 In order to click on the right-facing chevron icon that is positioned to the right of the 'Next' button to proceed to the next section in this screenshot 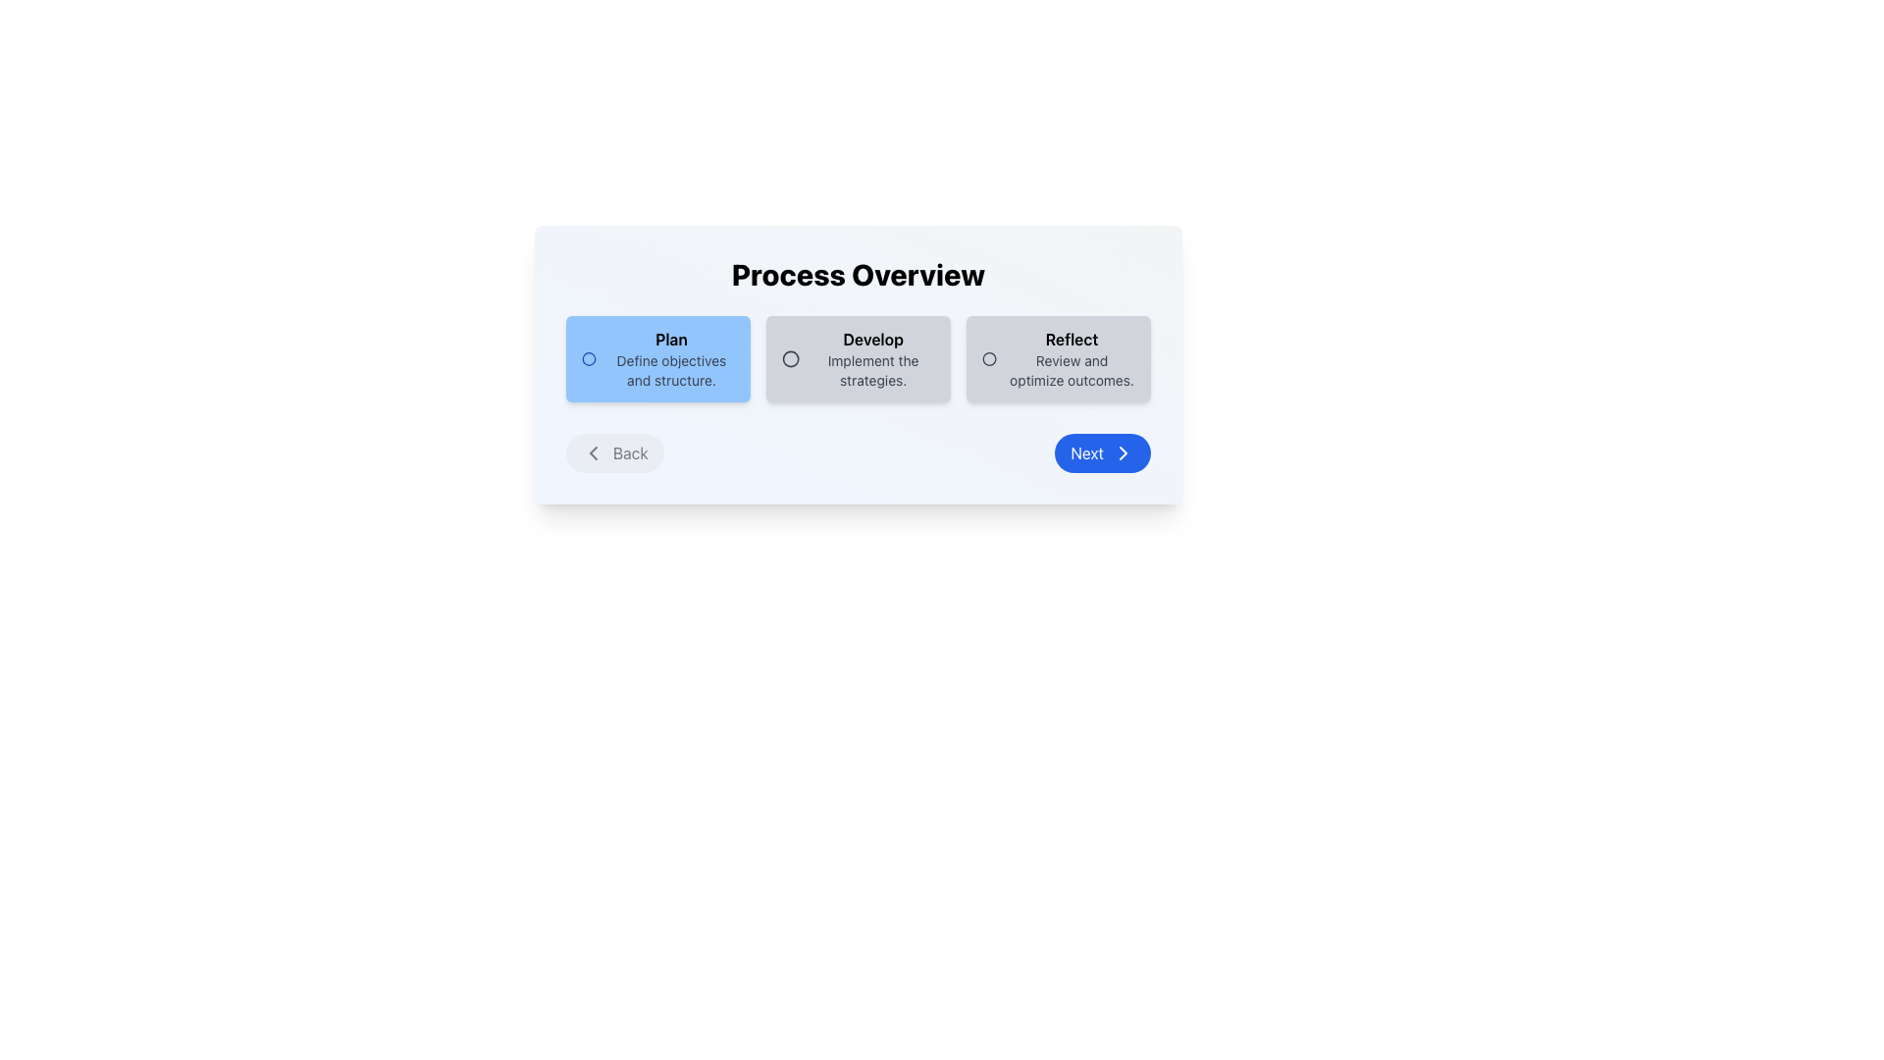, I will do `click(1124, 453)`.